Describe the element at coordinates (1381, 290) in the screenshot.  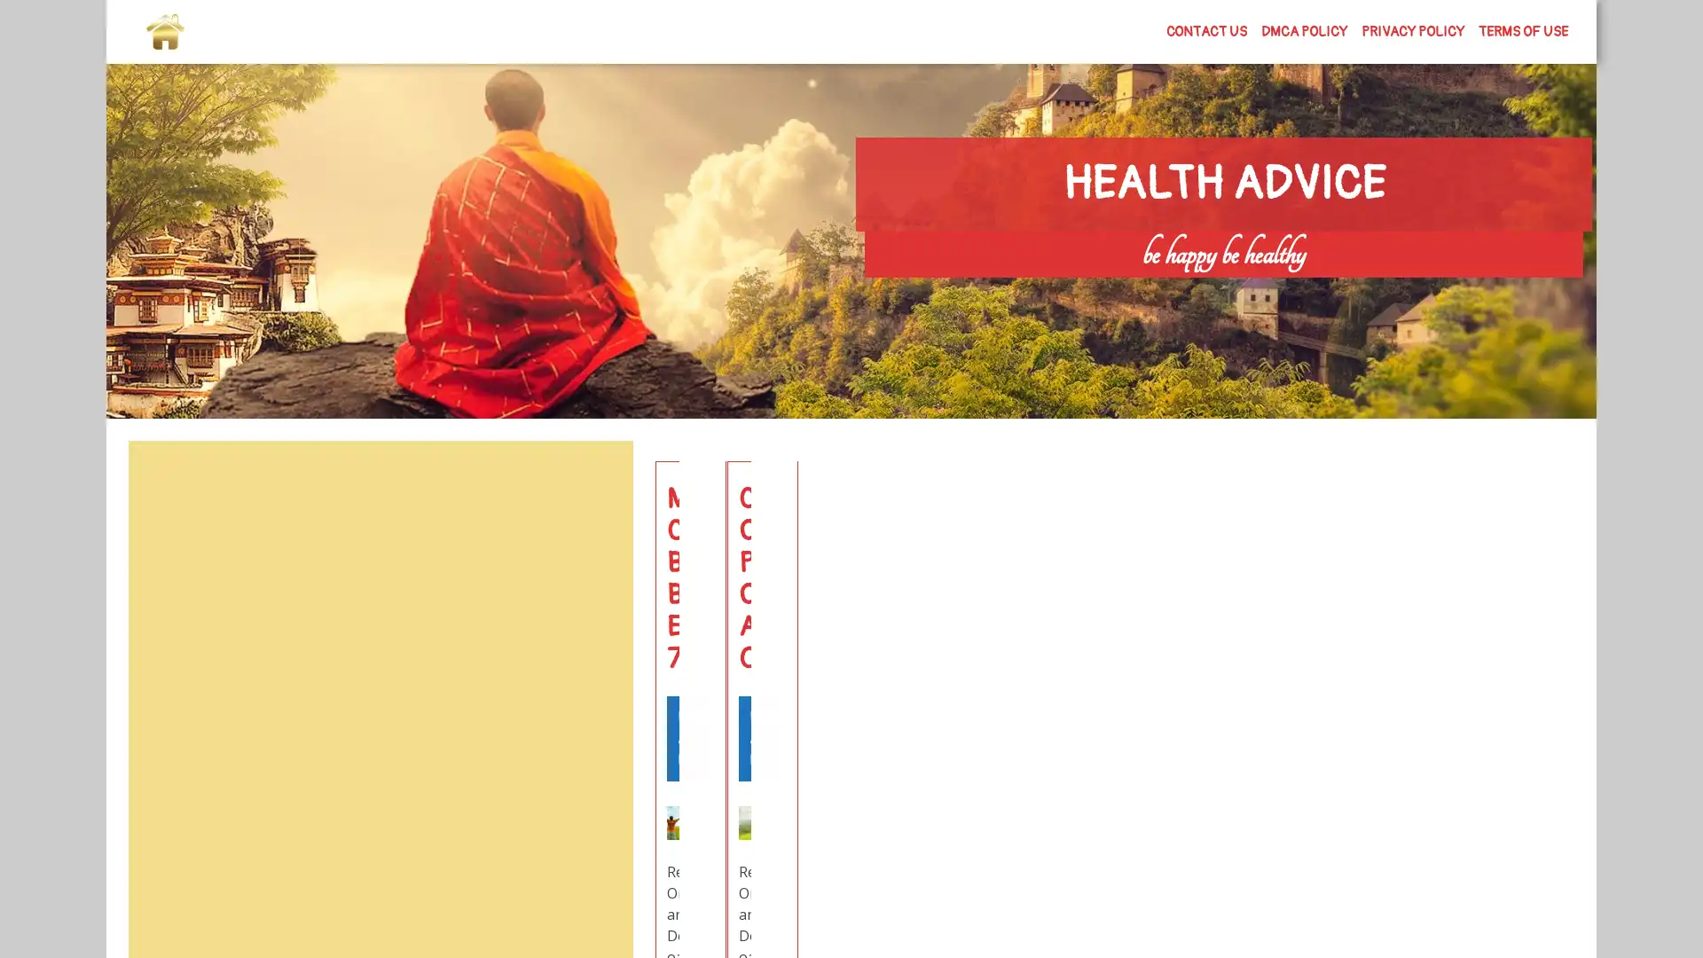
I see `Search` at that location.